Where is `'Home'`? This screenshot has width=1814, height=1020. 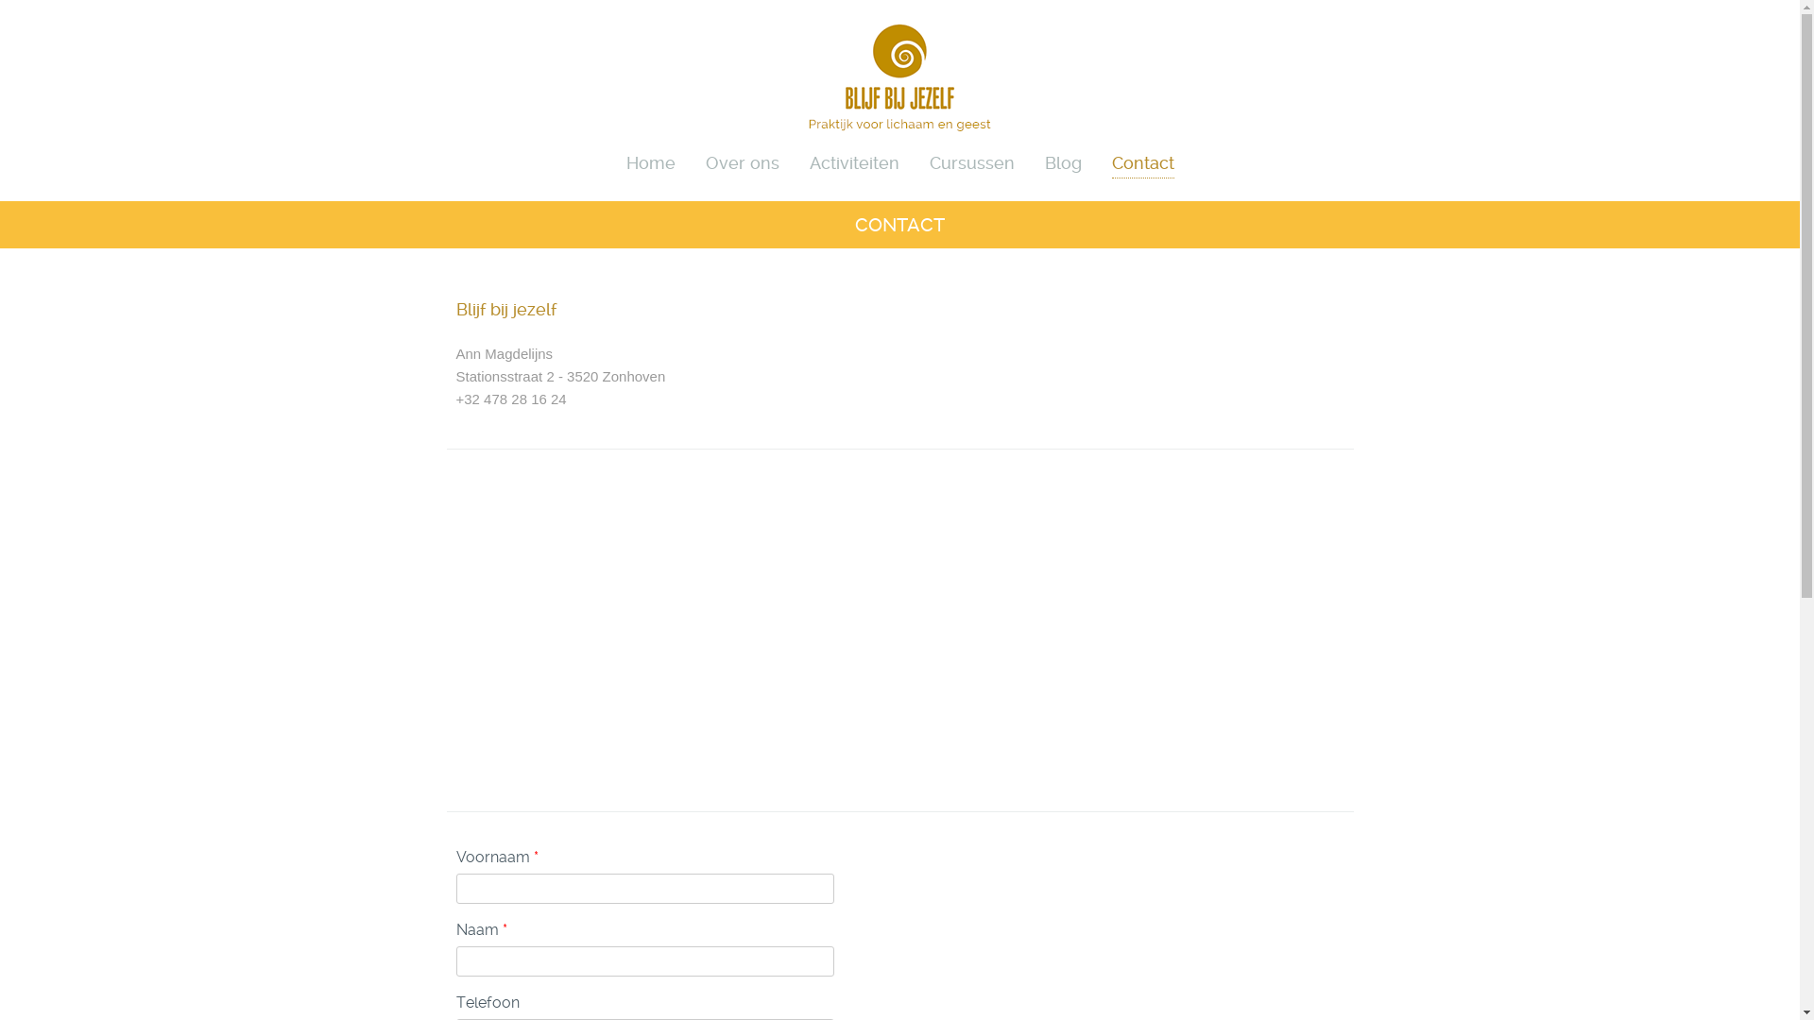 'Home' is located at coordinates (649, 160).